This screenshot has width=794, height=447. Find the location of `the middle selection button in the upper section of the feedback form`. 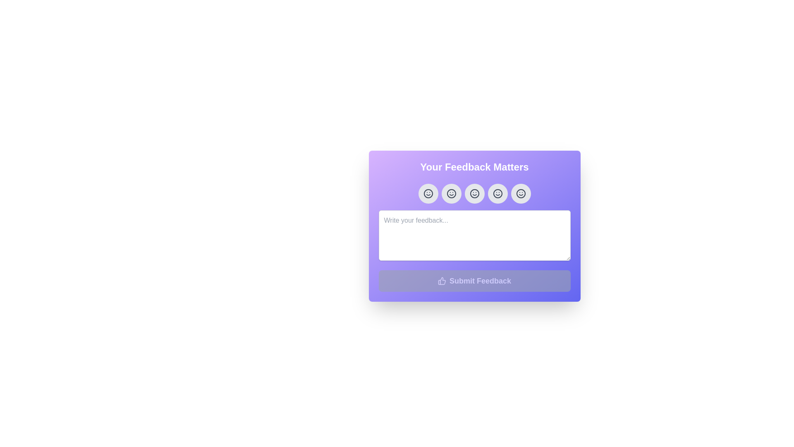

the middle selection button in the upper section of the feedback form is located at coordinates (474, 193).